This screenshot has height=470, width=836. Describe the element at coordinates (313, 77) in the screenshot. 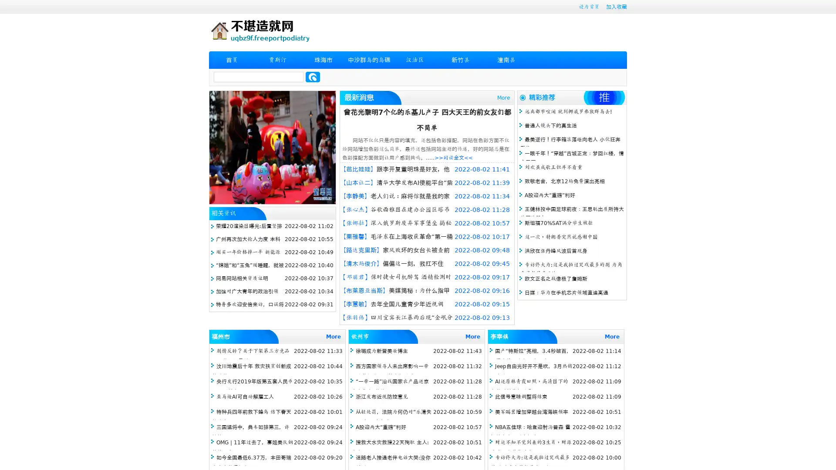

I see `Search` at that location.